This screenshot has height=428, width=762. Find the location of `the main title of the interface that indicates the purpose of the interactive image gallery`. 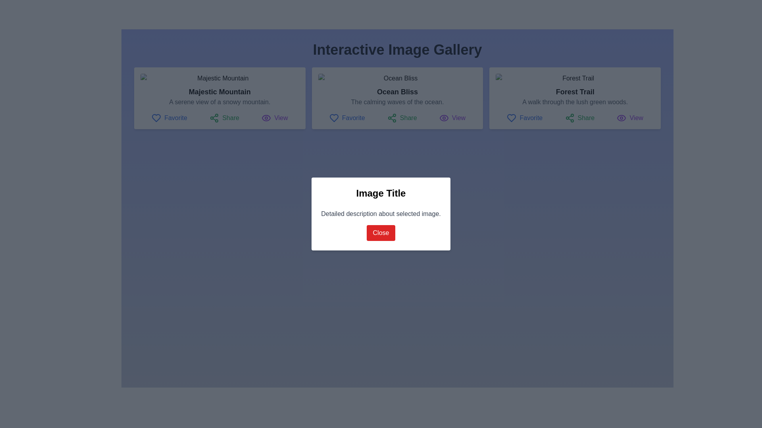

the main title of the interface that indicates the purpose of the interactive image gallery is located at coordinates (397, 50).